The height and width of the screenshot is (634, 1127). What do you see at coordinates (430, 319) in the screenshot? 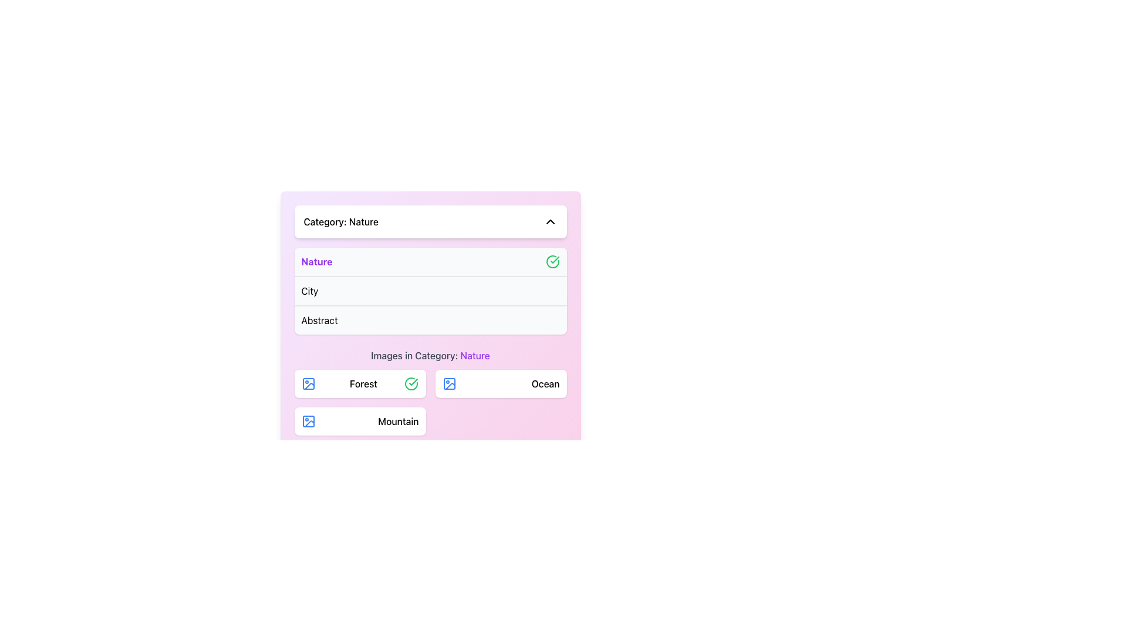
I see `the third item in the categorized list or menu` at bounding box center [430, 319].